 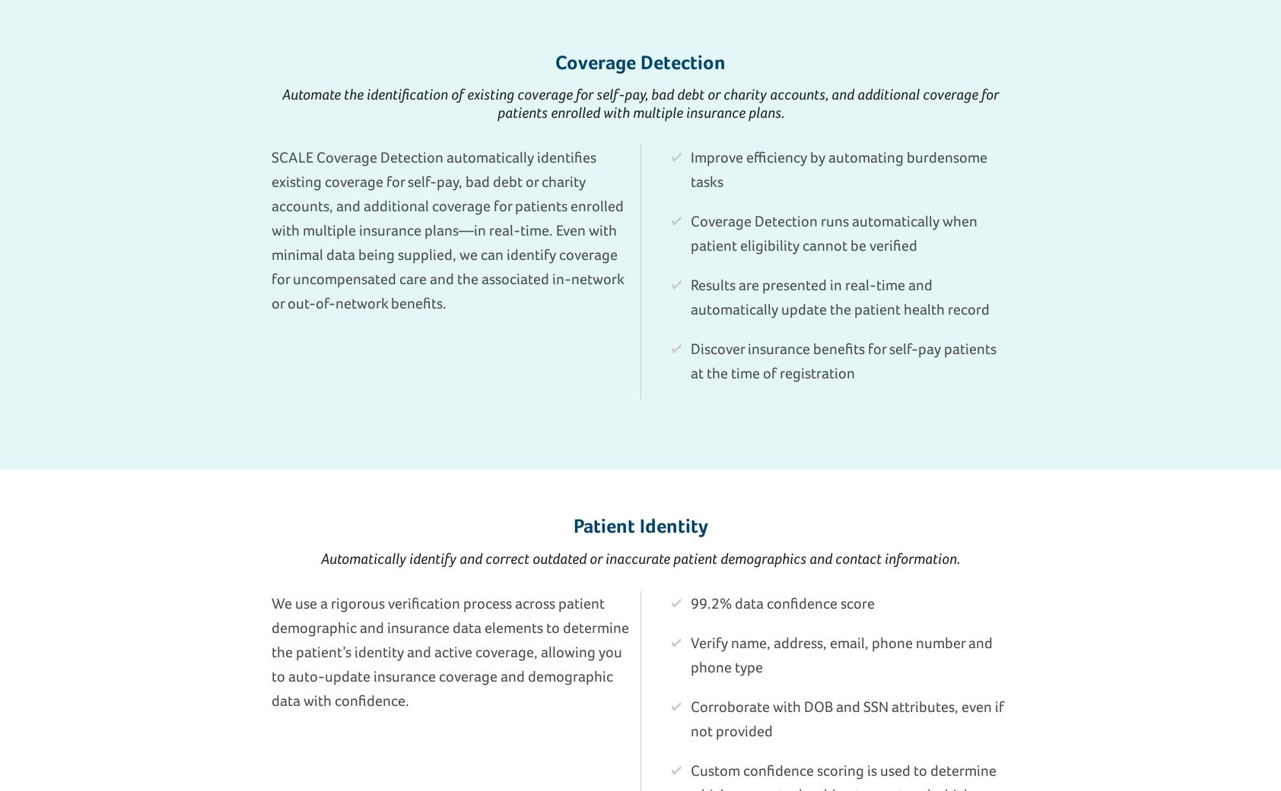 What do you see at coordinates (841, 653) in the screenshot?
I see `'Verify name, address, email, phone number and phone type'` at bounding box center [841, 653].